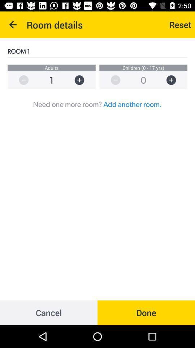  What do you see at coordinates (132, 104) in the screenshot?
I see `add another room. item` at bounding box center [132, 104].